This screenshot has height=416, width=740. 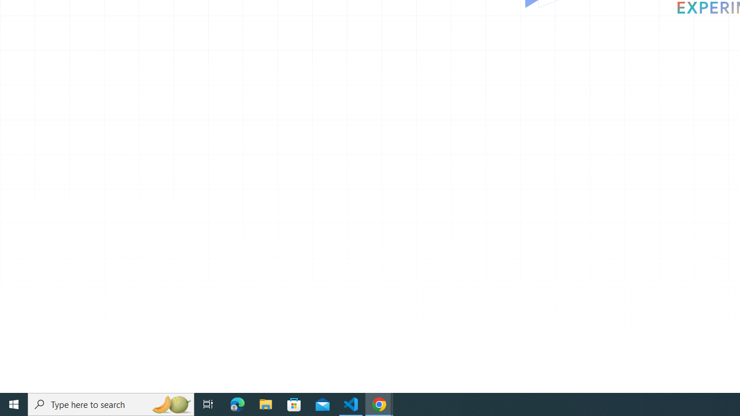 I want to click on 'Type here to search', so click(x=111, y=403).